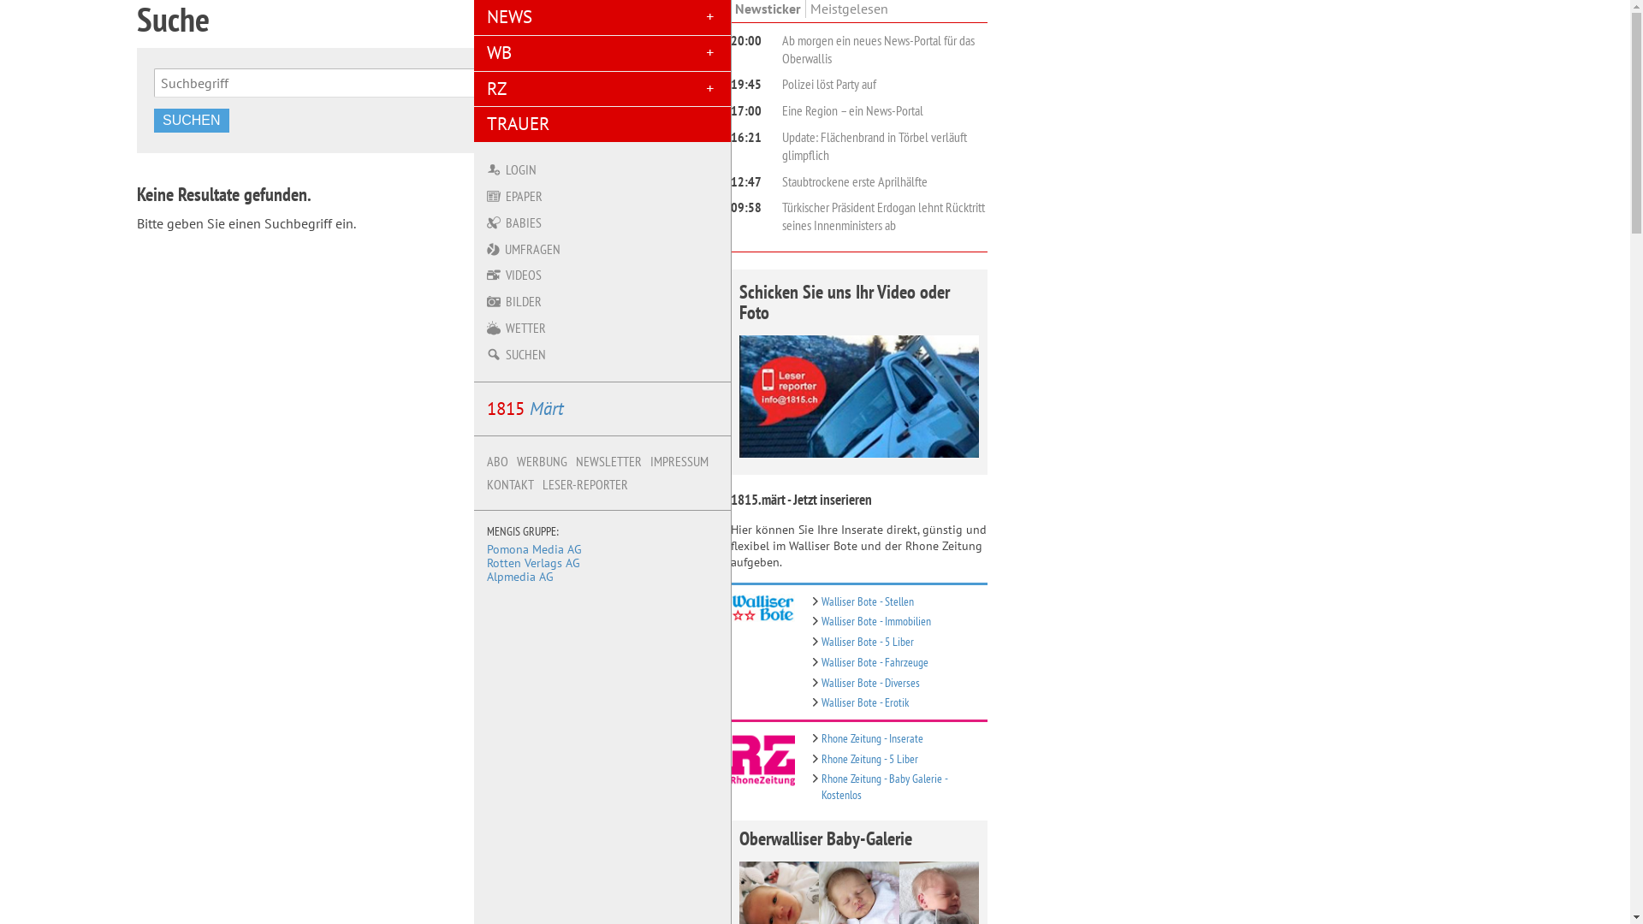 This screenshot has width=1643, height=924. What do you see at coordinates (602, 274) in the screenshot?
I see `'VIDEOS'` at bounding box center [602, 274].